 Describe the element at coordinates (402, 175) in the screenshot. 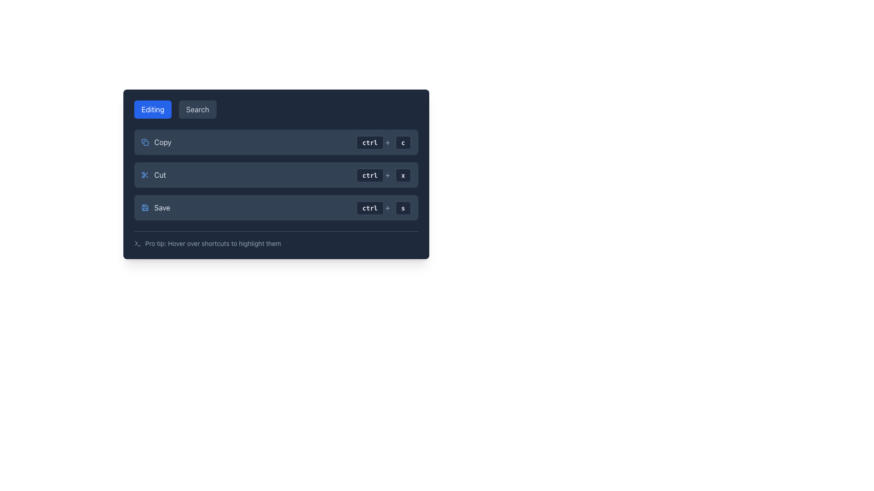

I see `the 'Cut' button with dark theme styling and text 'x' located in the second row of the shortcut list, adjacent to the '+' sign and following the 'ctrl' button` at that location.